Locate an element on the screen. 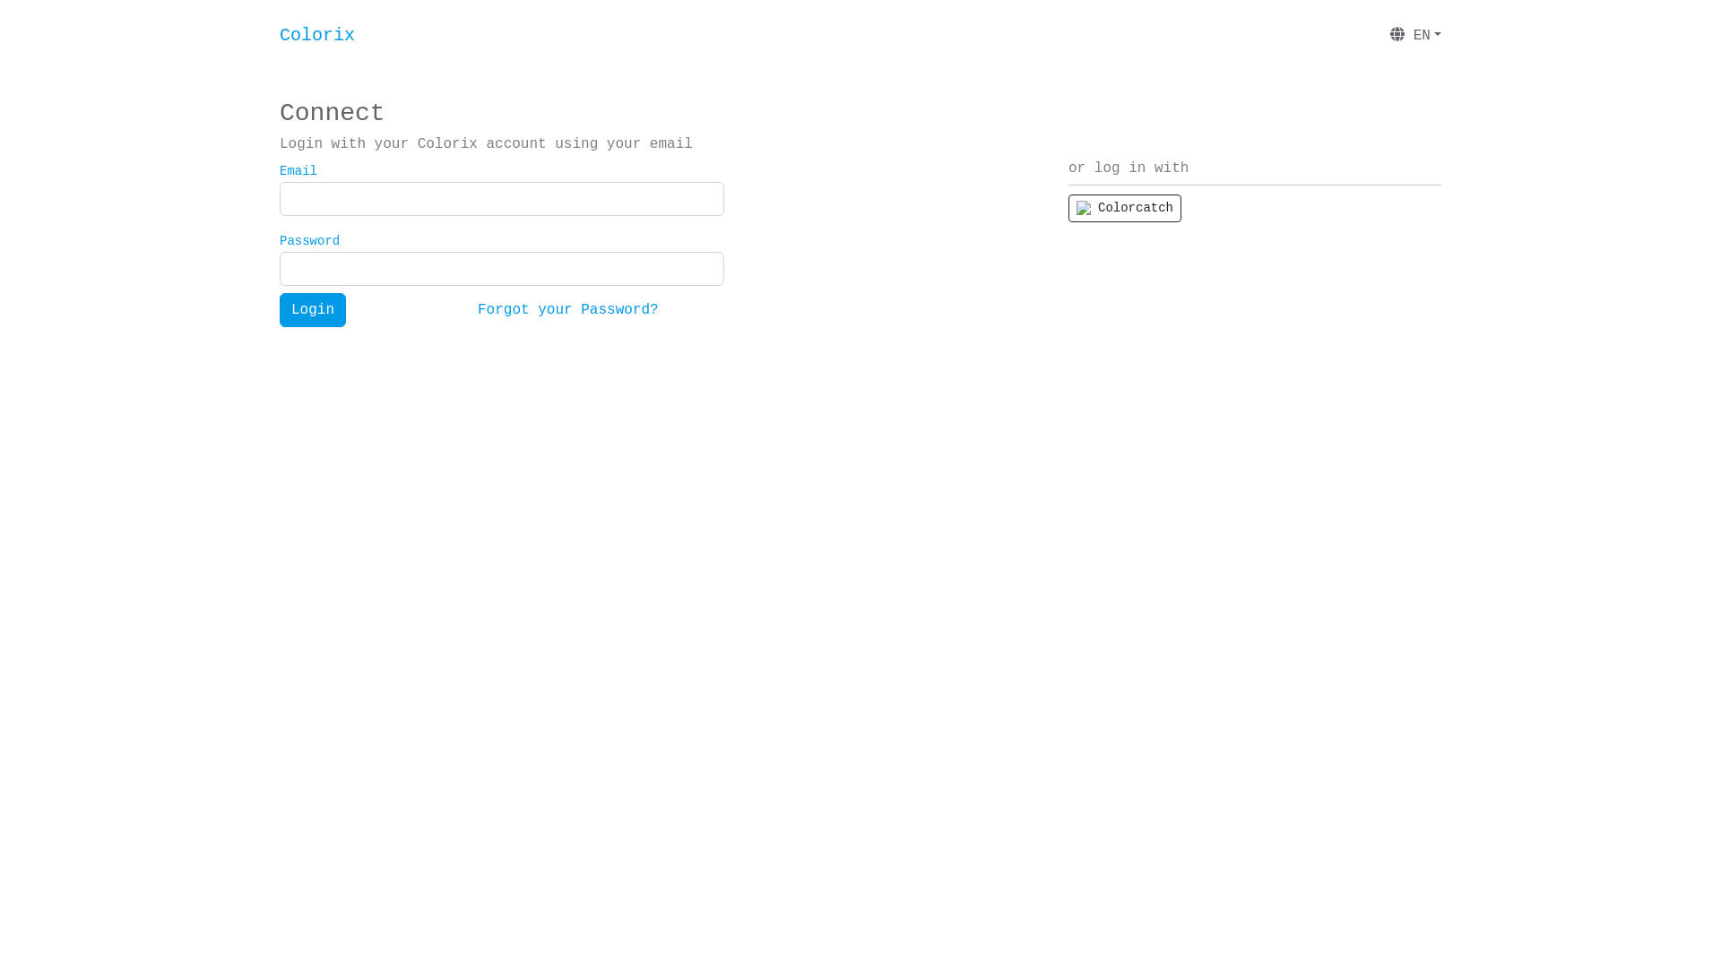 This screenshot has width=1721, height=968. 'Colorcatch' is located at coordinates (1068, 207).